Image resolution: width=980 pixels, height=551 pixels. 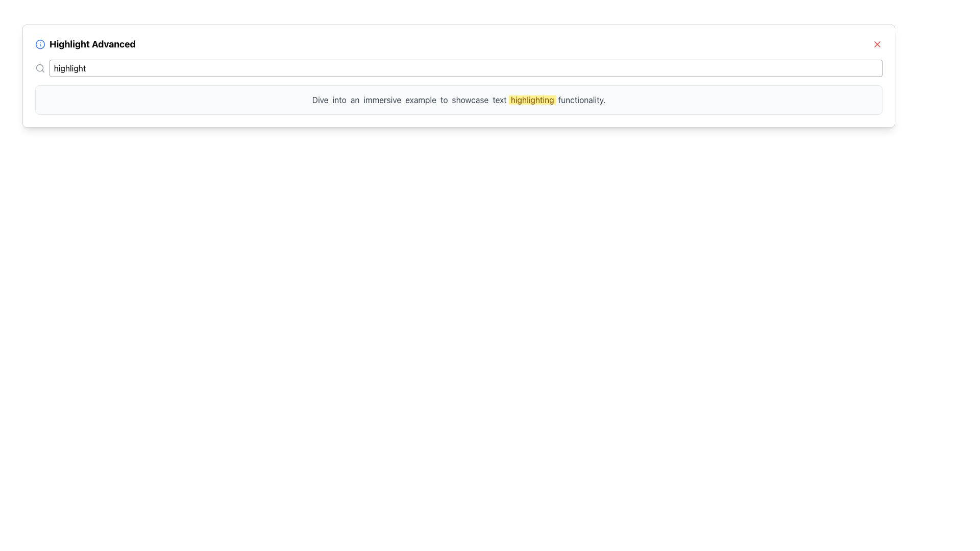 What do you see at coordinates (470, 100) in the screenshot?
I see `the text element displaying the word 'showcase', which is part of a sentence and located between the words 'to' and 'text'` at bounding box center [470, 100].